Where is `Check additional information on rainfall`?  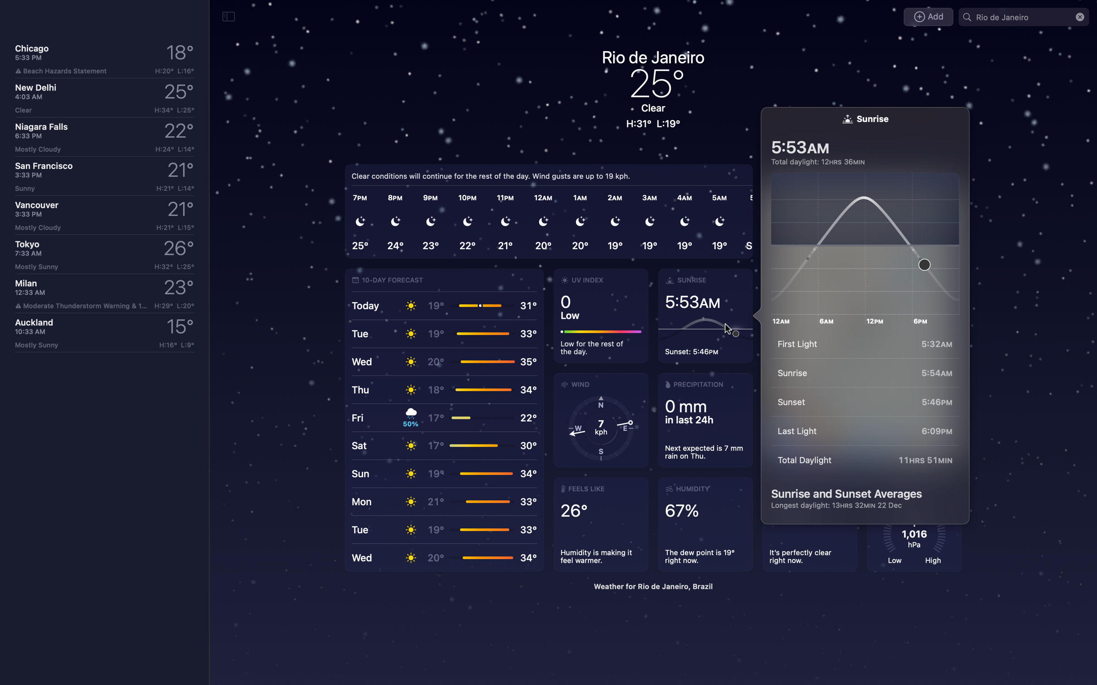
Check additional information on rainfall is located at coordinates (704, 420).